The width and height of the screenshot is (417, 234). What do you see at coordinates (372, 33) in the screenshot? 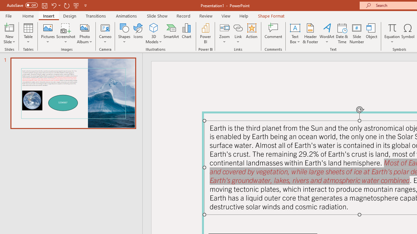
I see `'Object...'` at bounding box center [372, 33].